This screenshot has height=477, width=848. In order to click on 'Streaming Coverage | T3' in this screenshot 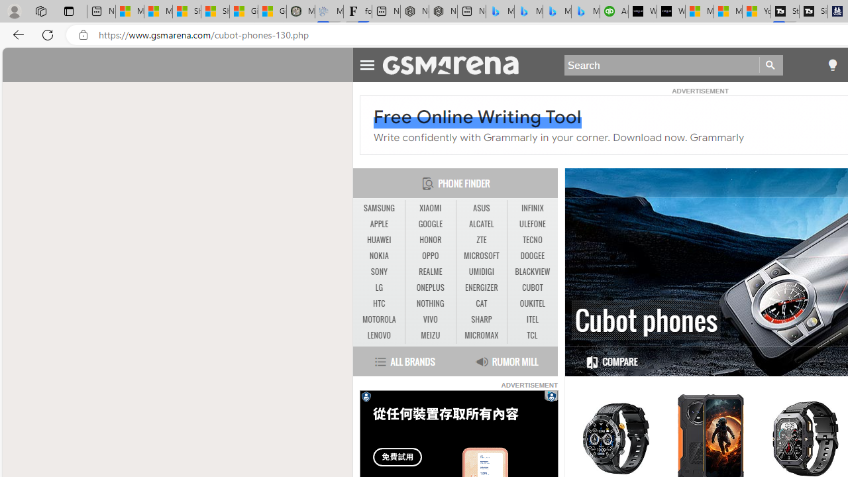, I will do `click(784, 11)`.